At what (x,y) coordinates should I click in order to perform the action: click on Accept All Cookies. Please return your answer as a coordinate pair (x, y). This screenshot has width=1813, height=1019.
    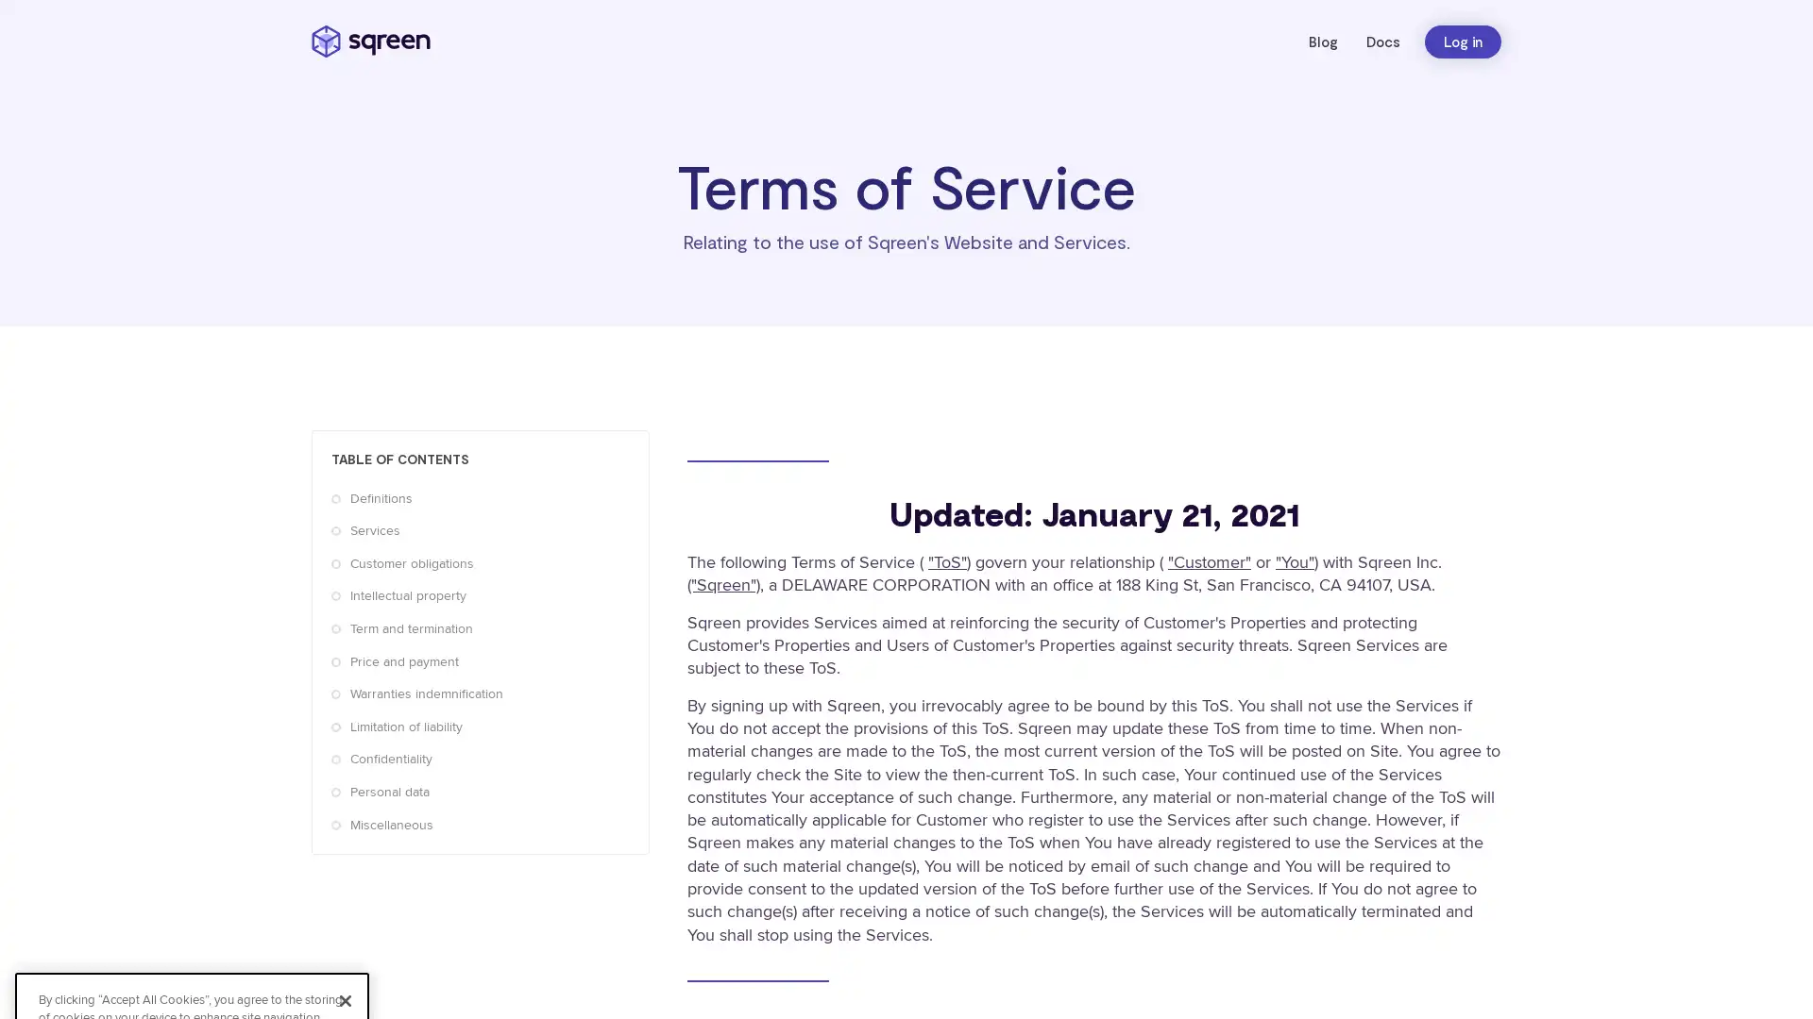
    Looking at the image, I should click on (192, 897).